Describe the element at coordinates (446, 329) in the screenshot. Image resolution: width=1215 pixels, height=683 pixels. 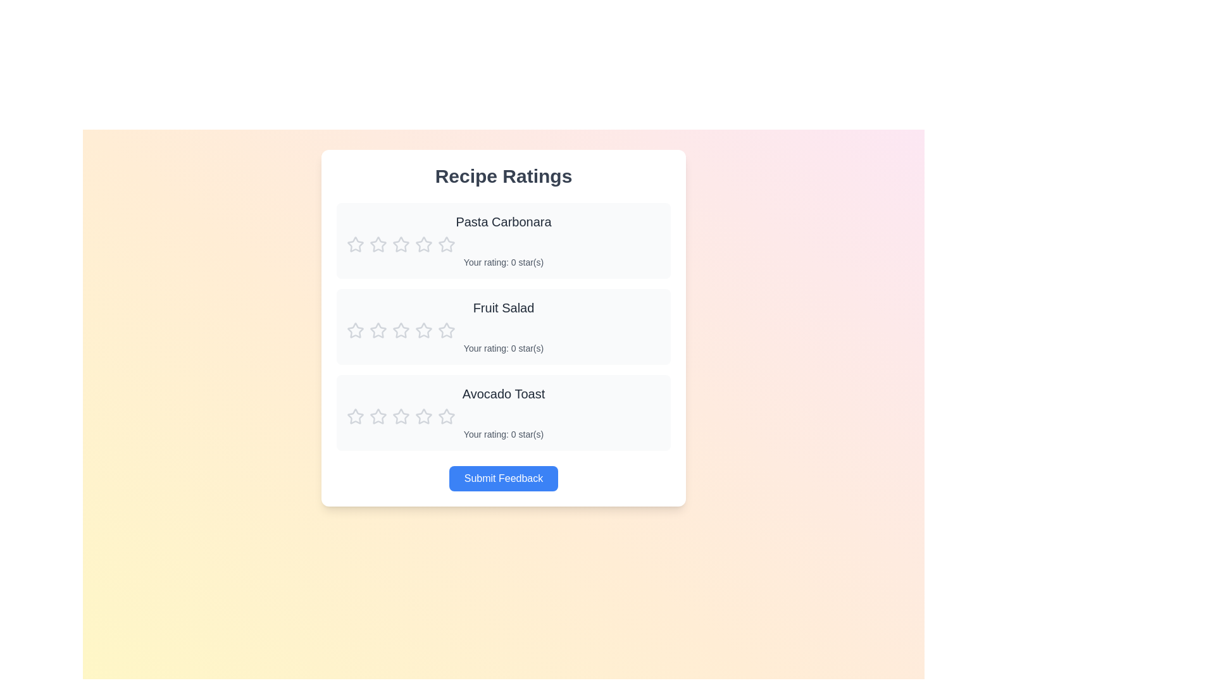
I see `the fourth star in the rating selection tool for the 'Fruit Salad' category` at that location.